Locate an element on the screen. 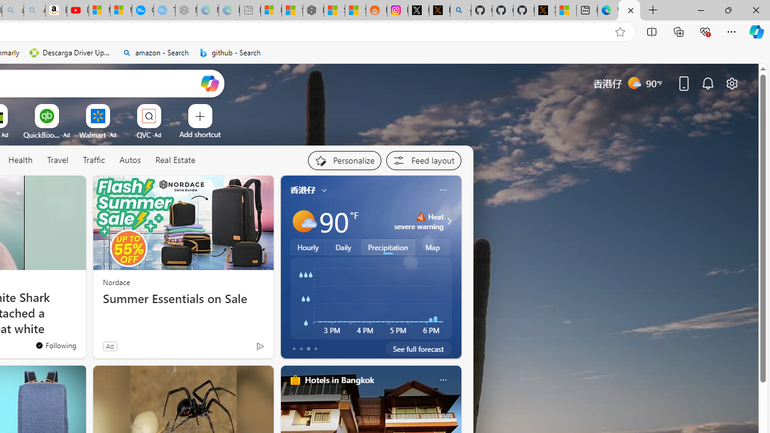  'Add a site' is located at coordinates (200, 134).